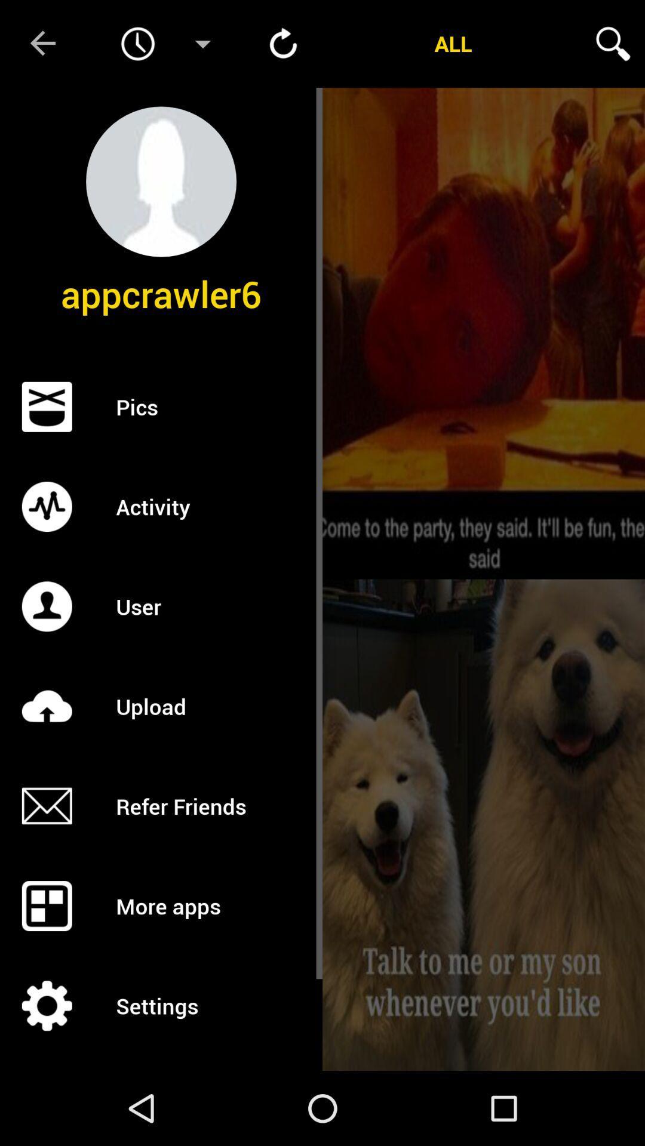 The height and width of the screenshot is (1146, 645). I want to click on refresh page, so click(283, 44).